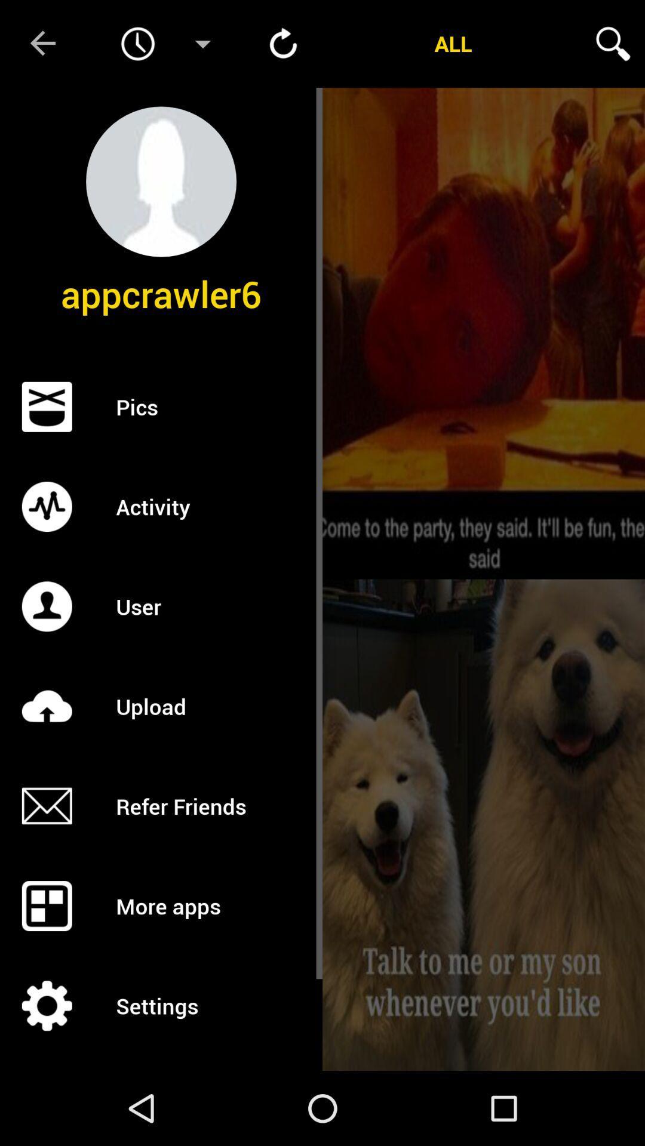 The height and width of the screenshot is (1146, 645). I want to click on refresh page, so click(283, 44).